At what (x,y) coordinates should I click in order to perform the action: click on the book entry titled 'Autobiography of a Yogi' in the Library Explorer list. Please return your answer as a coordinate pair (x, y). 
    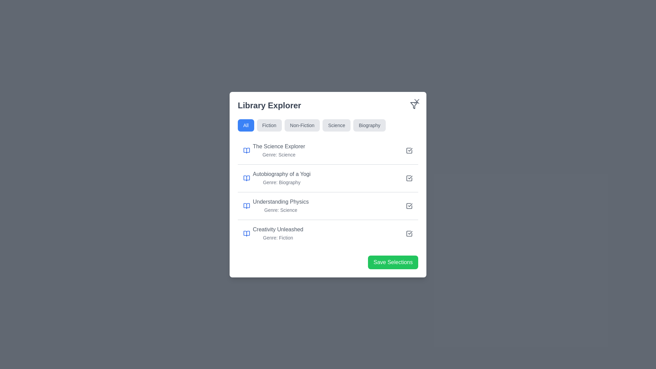
    Looking at the image, I should click on (277, 178).